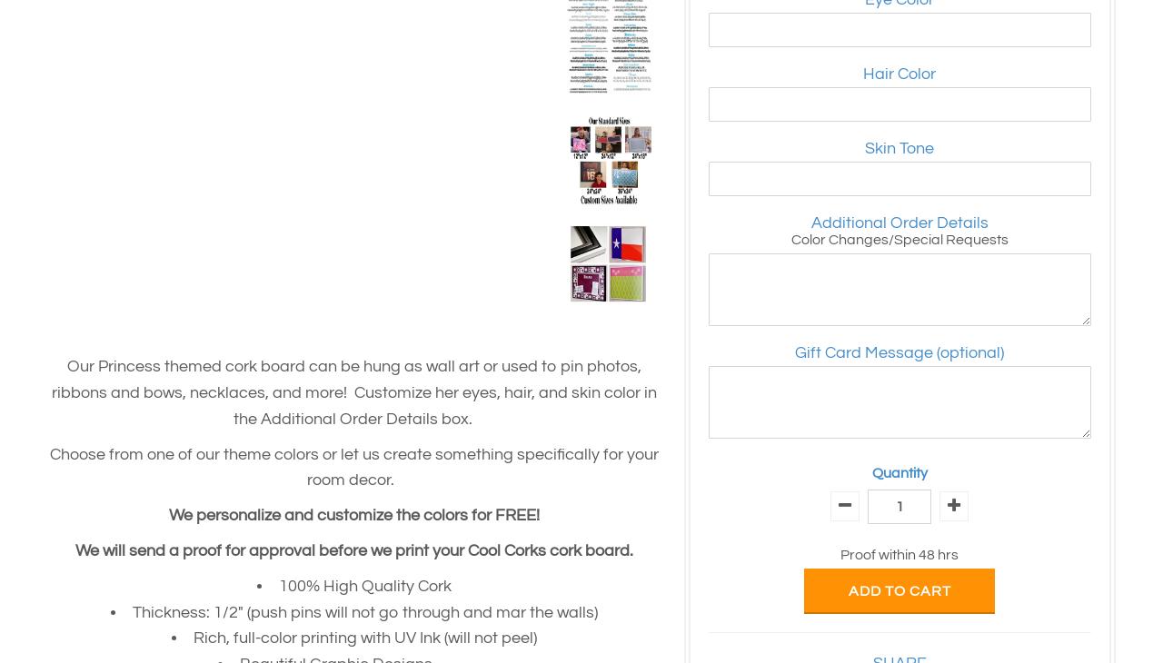 This screenshot has height=663, width=1163. Describe the element at coordinates (899, 472) in the screenshot. I see `'Quantity'` at that location.